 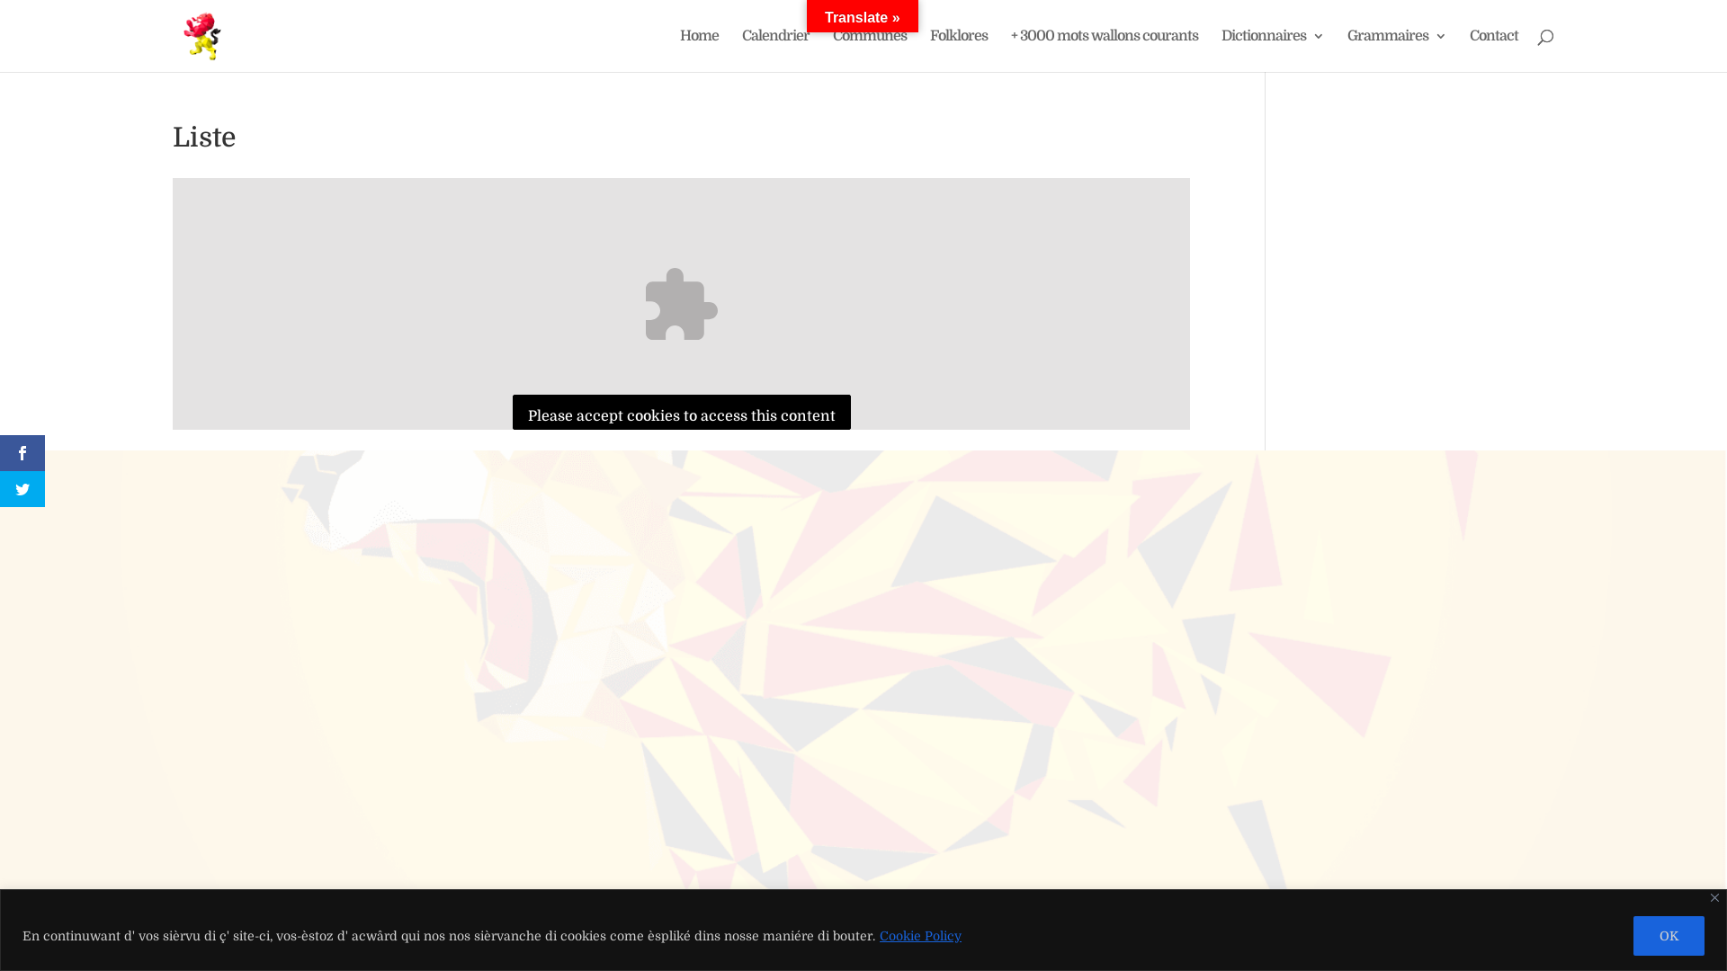 I want to click on 'Grammaires', so click(x=1396, y=49).